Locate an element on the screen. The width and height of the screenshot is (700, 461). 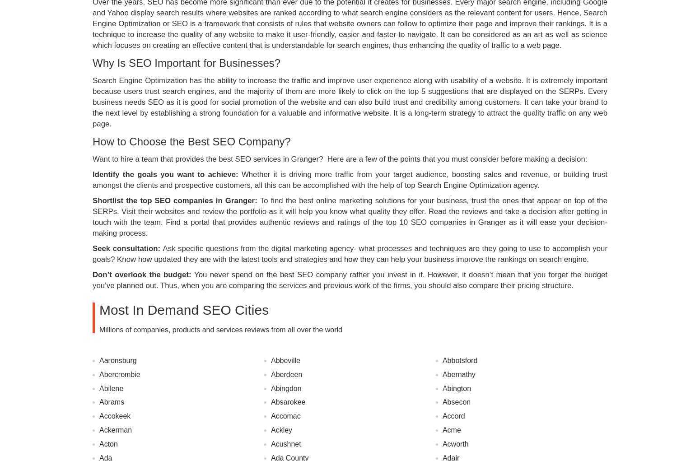
'Abington' is located at coordinates (457, 388).